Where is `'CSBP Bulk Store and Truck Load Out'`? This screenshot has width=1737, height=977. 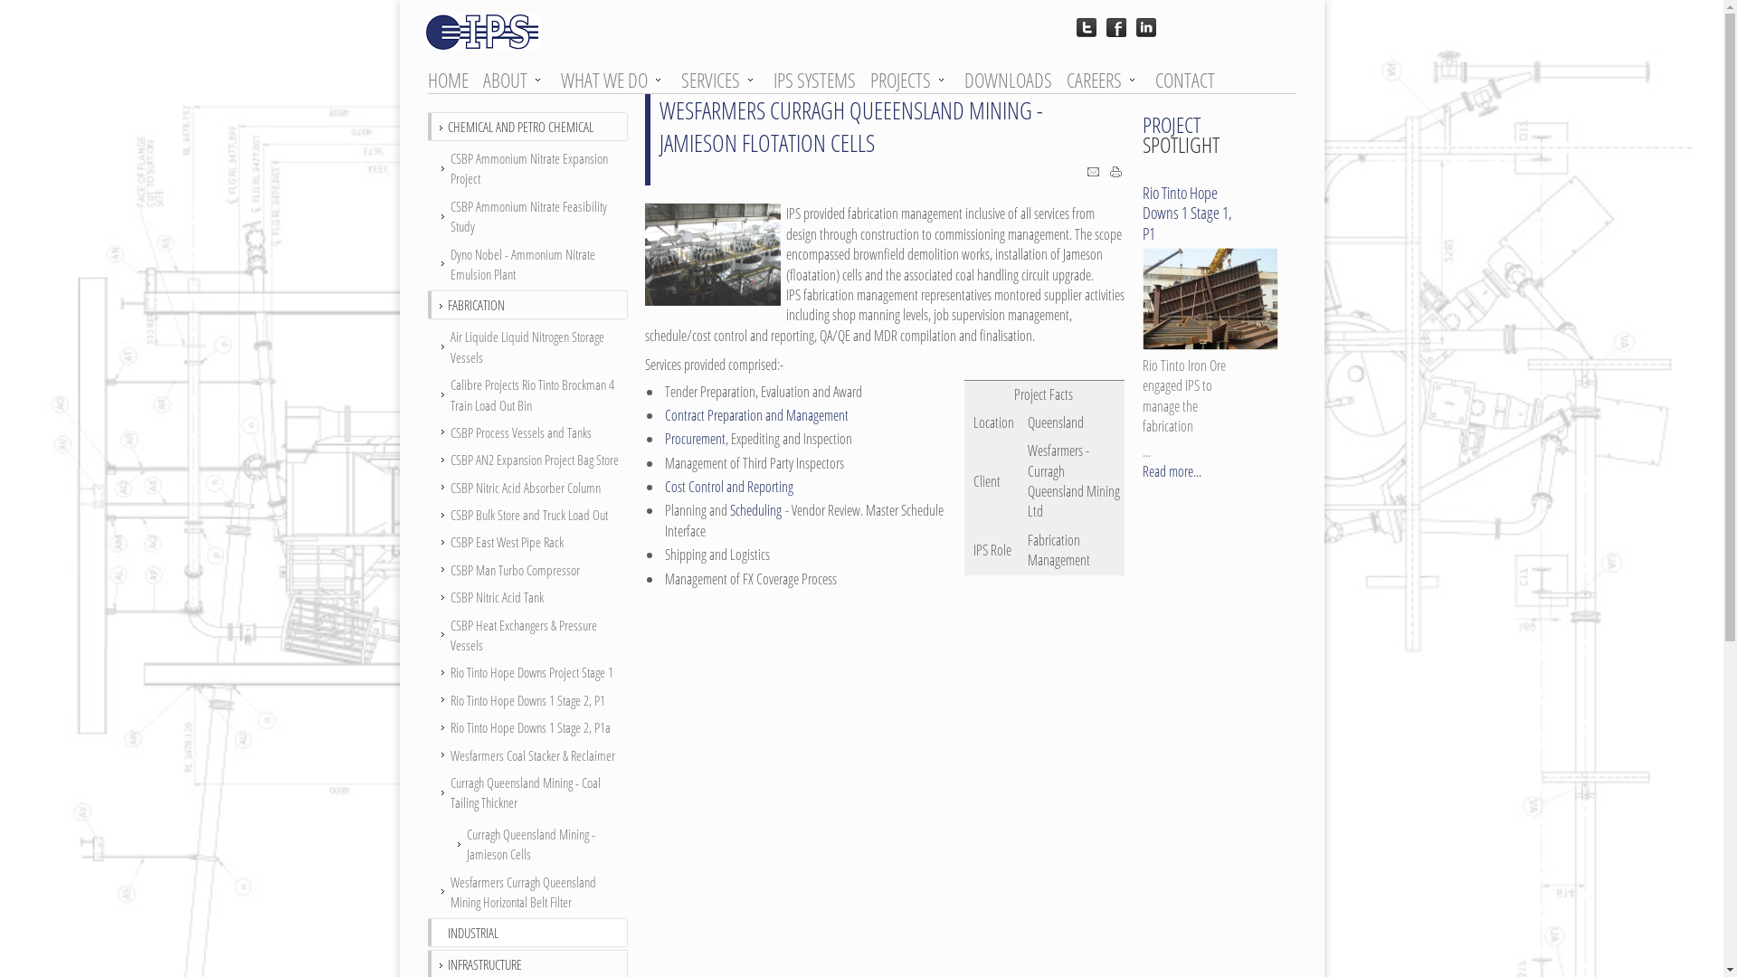 'CSBP Bulk Store and Truck Load Out' is located at coordinates (435, 515).